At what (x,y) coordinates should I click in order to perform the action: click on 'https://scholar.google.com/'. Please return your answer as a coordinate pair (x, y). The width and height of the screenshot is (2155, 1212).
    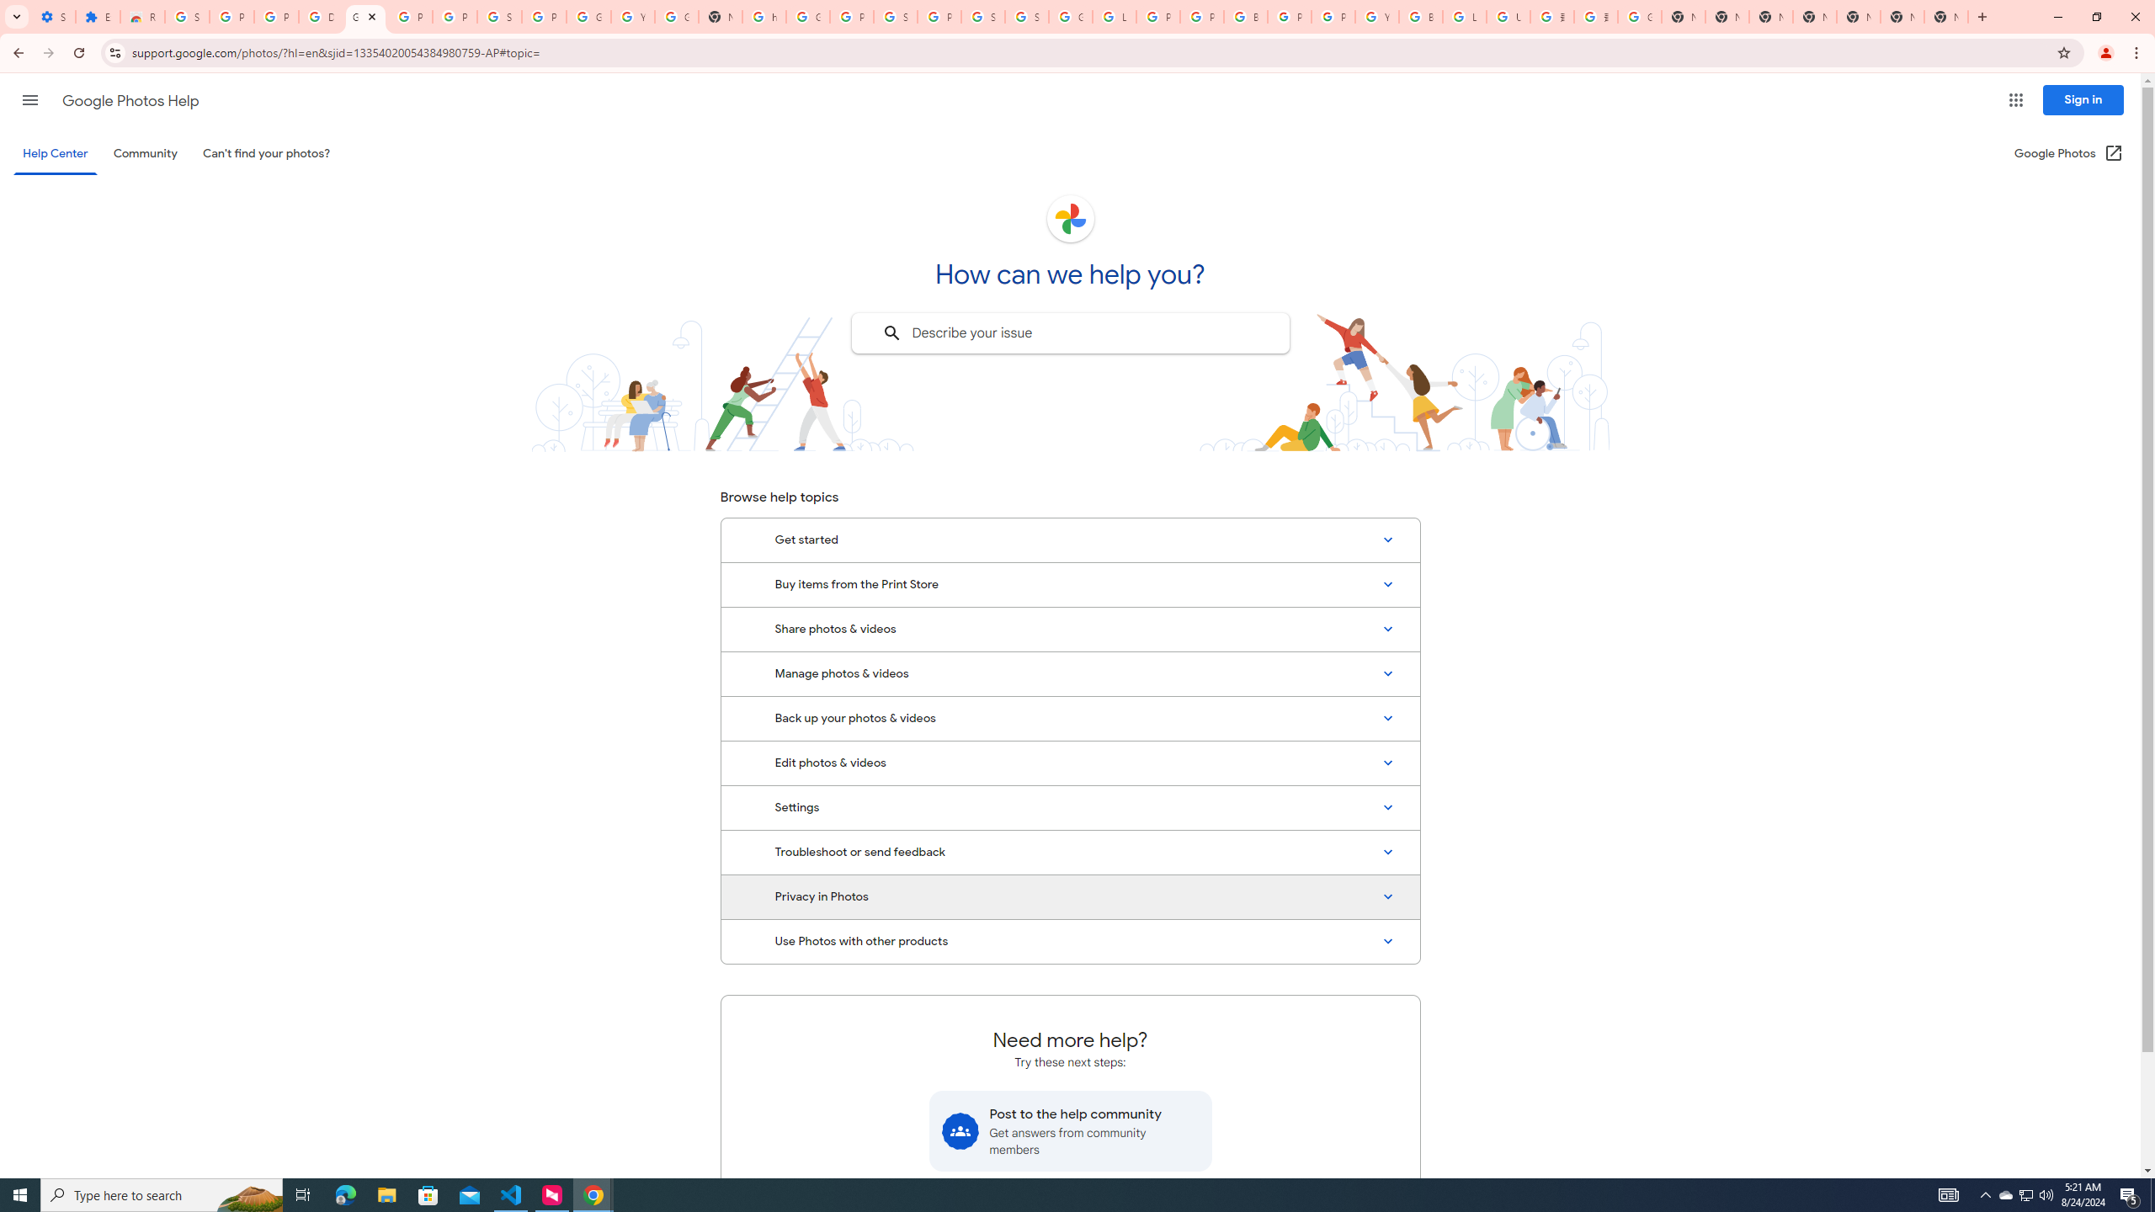
    Looking at the image, I should click on (763, 16).